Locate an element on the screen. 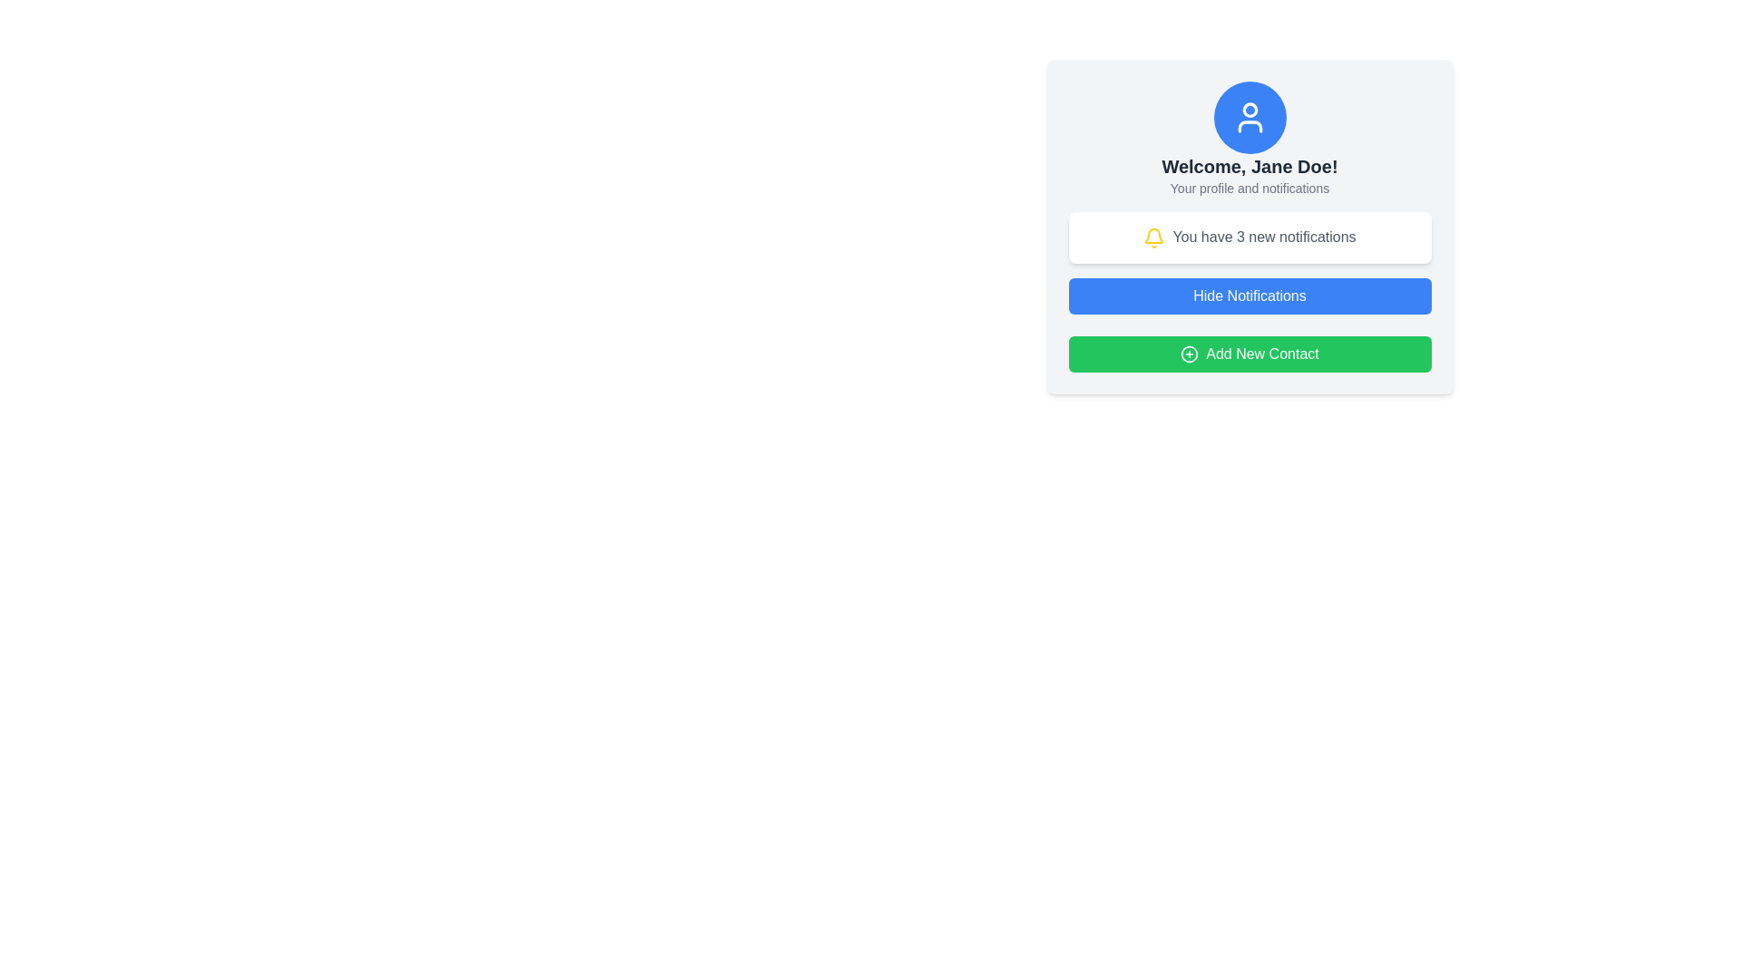 The height and width of the screenshot is (979, 1741). the informational display component that shows the welcome message and user name, positioned at the top of the card-like section is located at coordinates (1249, 139).